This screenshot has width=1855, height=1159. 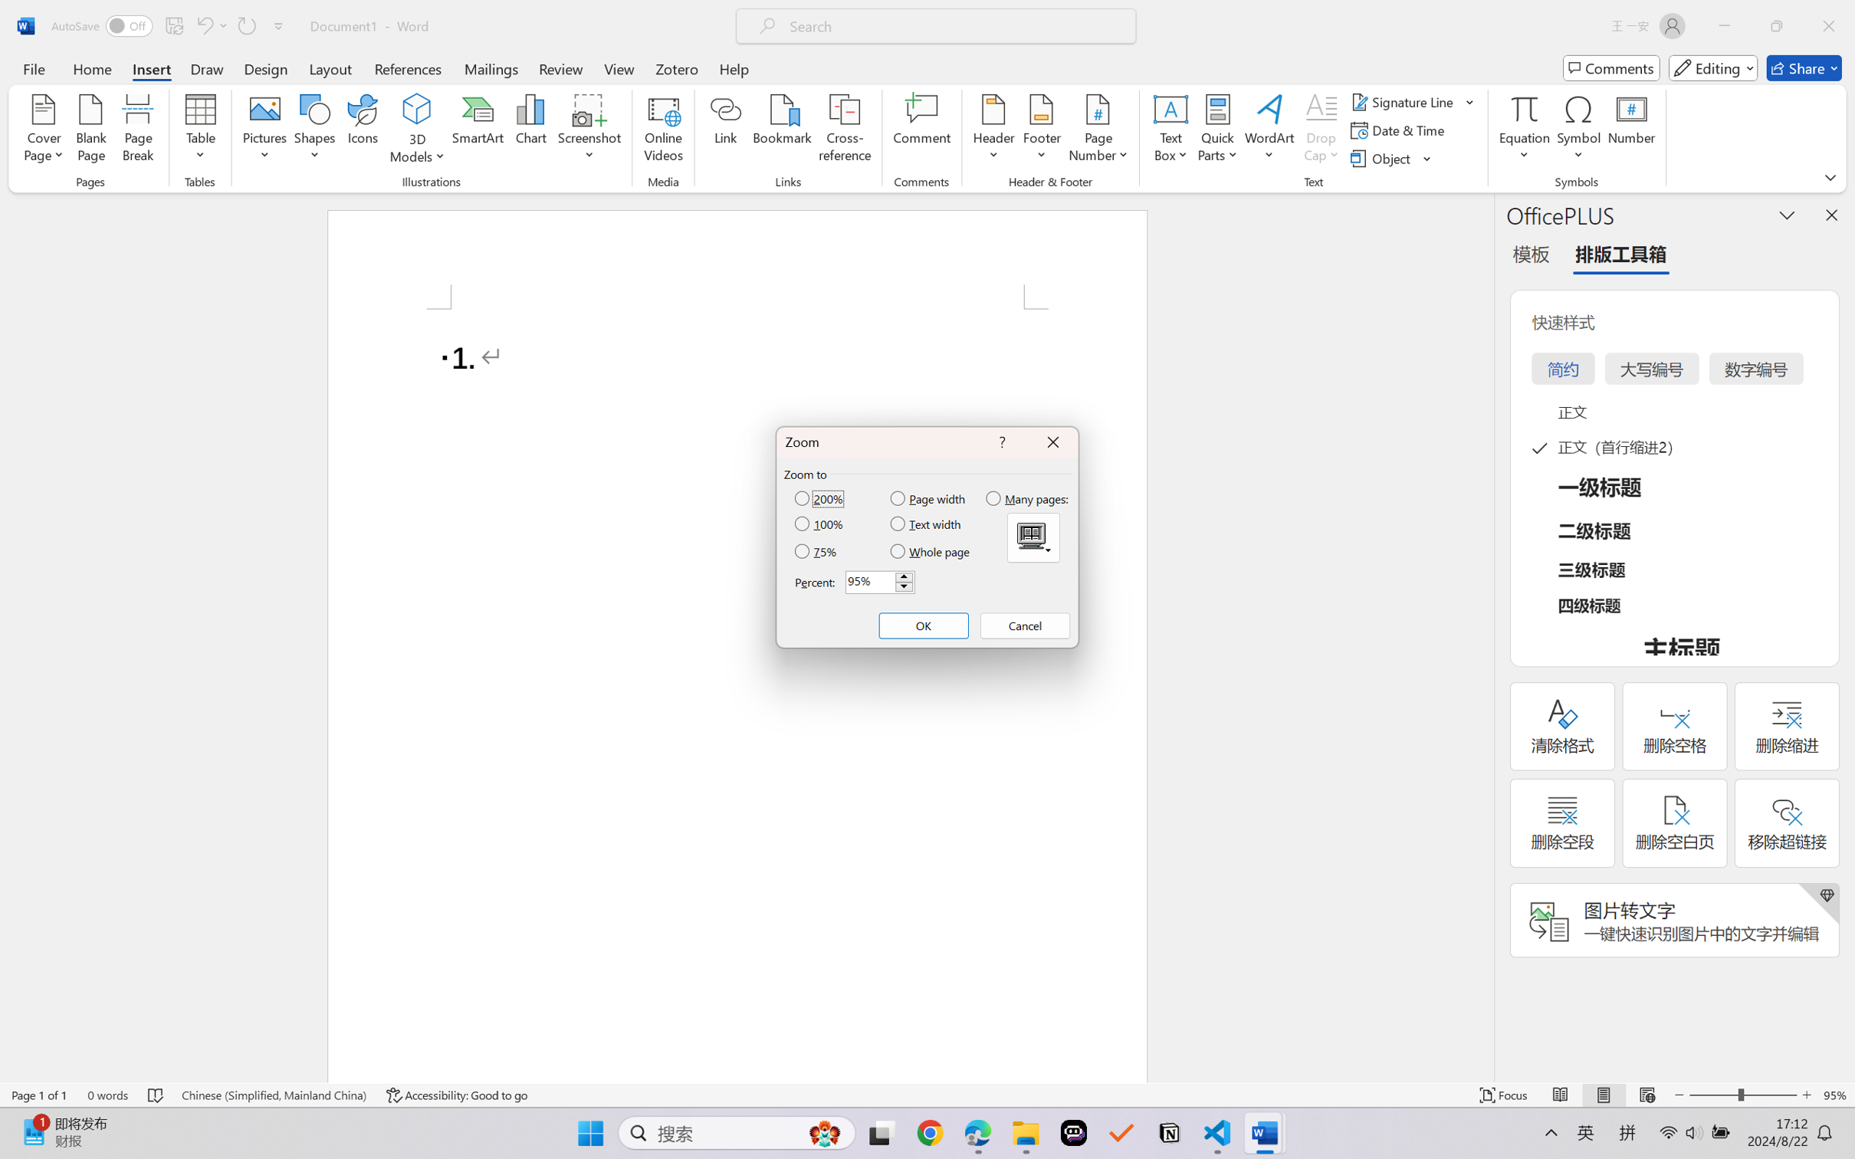 What do you see at coordinates (265, 130) in the screenshot?
I see `'Pictures'` at bounding box center [265, 130].